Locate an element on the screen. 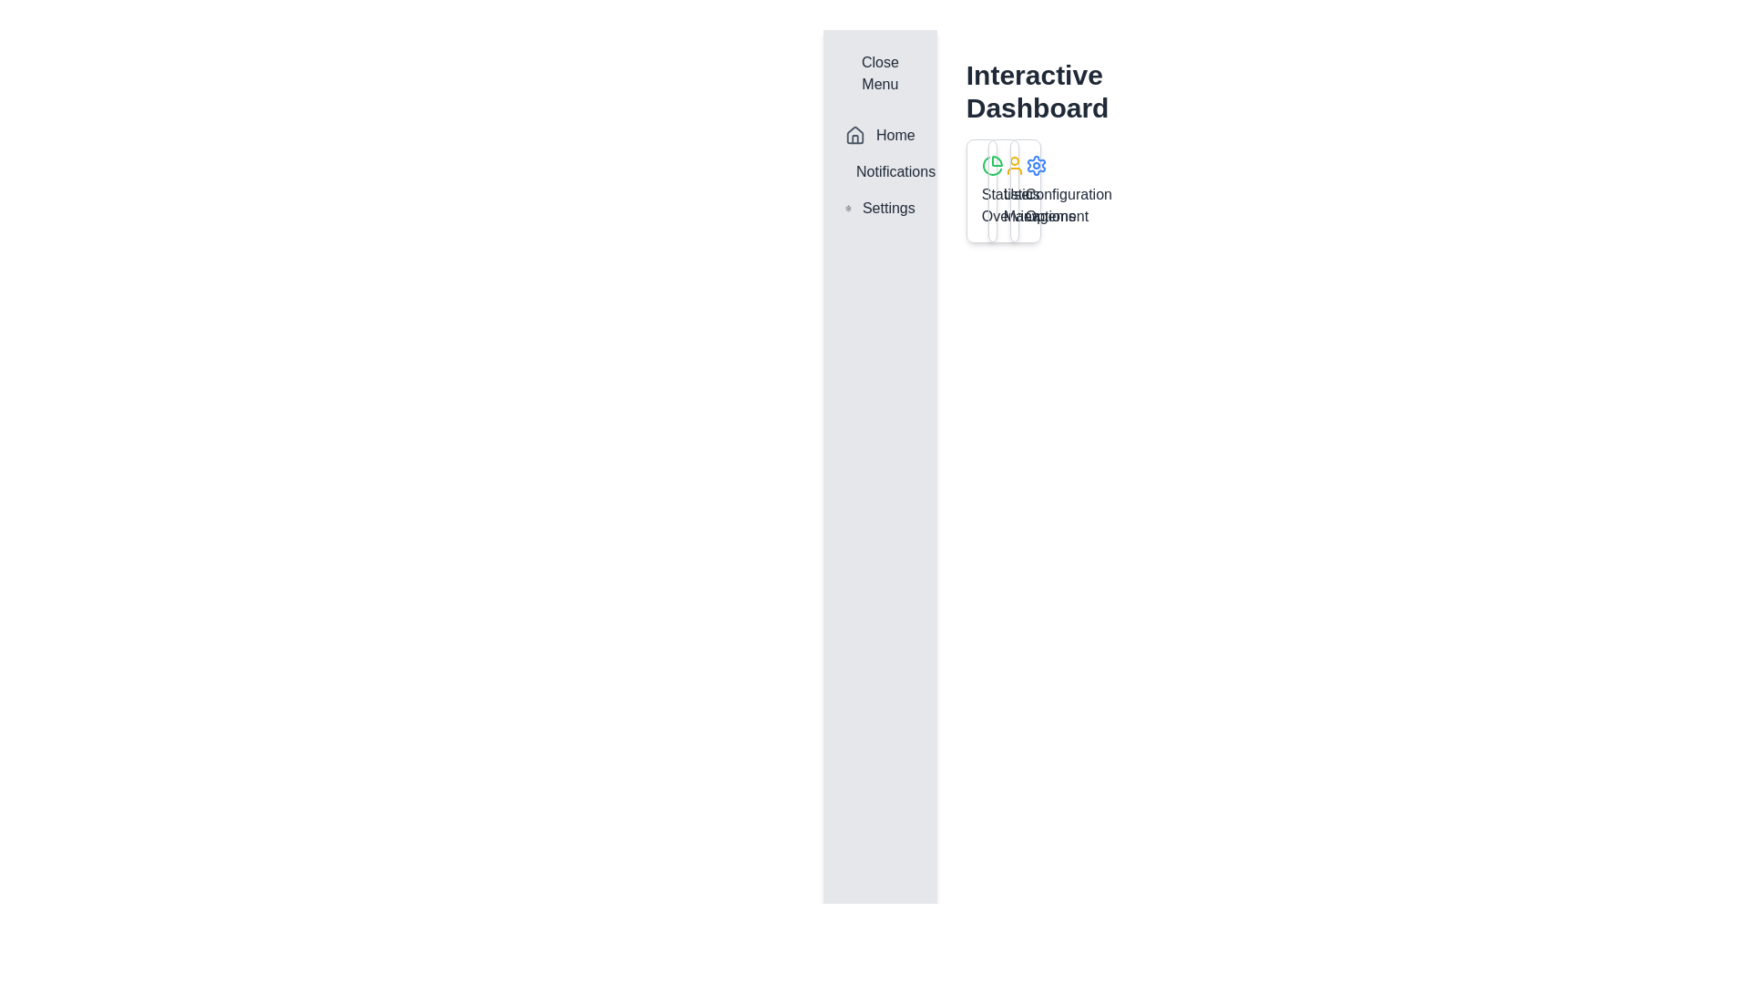 This screenshot has width=1749, height=984. the 'Close Menu' button located at the top of the vertical navigation panel on the left side of the interface is located at coordinates (880, 73).